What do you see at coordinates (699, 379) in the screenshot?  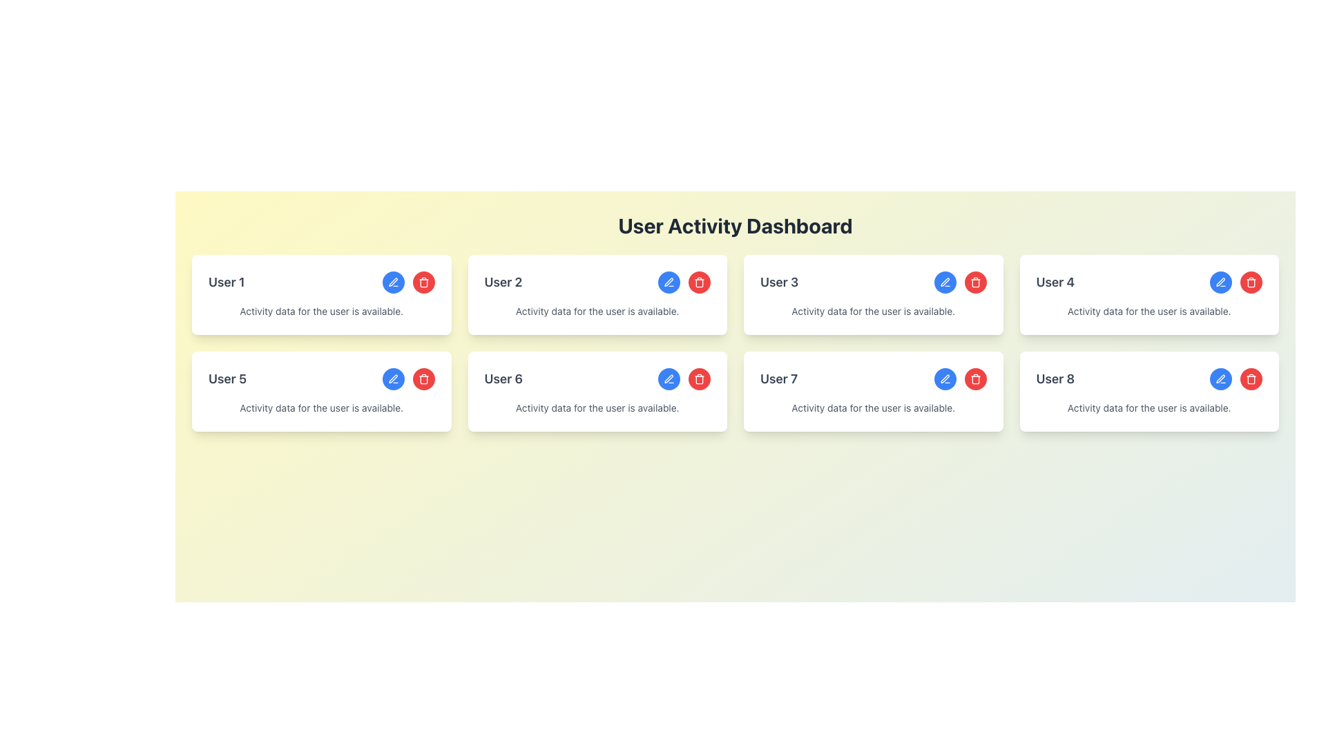 I see `the small red trash can icon located on the 'User 6' card in the dashboard to possibly reveal a tooltip` at bounding box center [699, 379].